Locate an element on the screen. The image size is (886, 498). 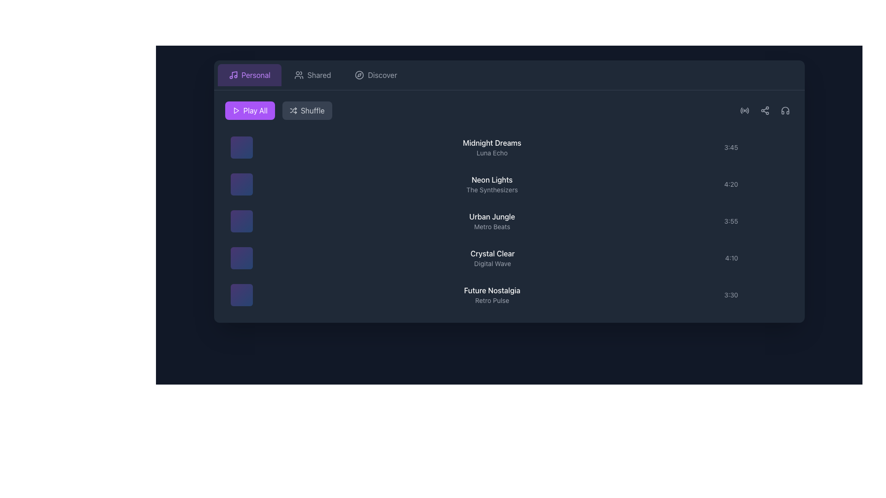
the 'Discover' icon located in the navigation bar, which symbolizes exploration features is located at coordinates (359, 74).